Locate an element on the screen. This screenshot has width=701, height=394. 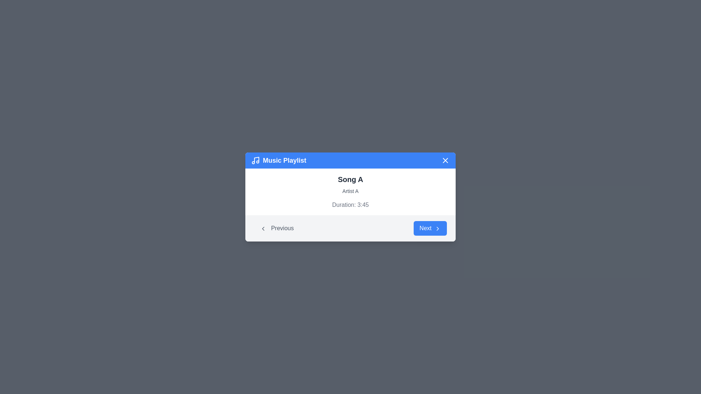
the close button located at the far-right end of the 'Music Playlist' header bar is located at coordinates (445, 160).